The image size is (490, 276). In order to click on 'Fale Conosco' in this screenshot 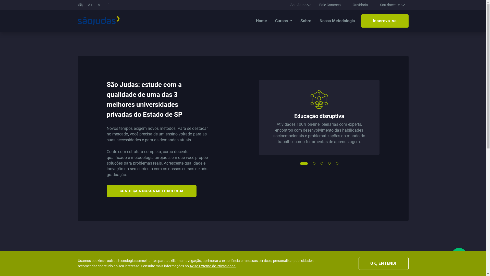, I will do `click(330, 5)`.